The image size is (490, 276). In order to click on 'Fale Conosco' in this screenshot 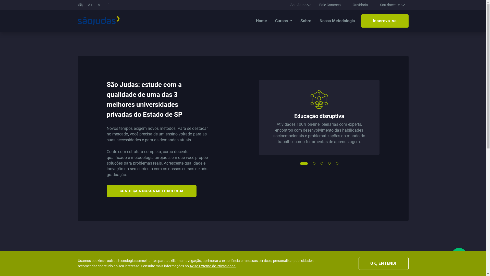, I will do `click(330, 5)`.